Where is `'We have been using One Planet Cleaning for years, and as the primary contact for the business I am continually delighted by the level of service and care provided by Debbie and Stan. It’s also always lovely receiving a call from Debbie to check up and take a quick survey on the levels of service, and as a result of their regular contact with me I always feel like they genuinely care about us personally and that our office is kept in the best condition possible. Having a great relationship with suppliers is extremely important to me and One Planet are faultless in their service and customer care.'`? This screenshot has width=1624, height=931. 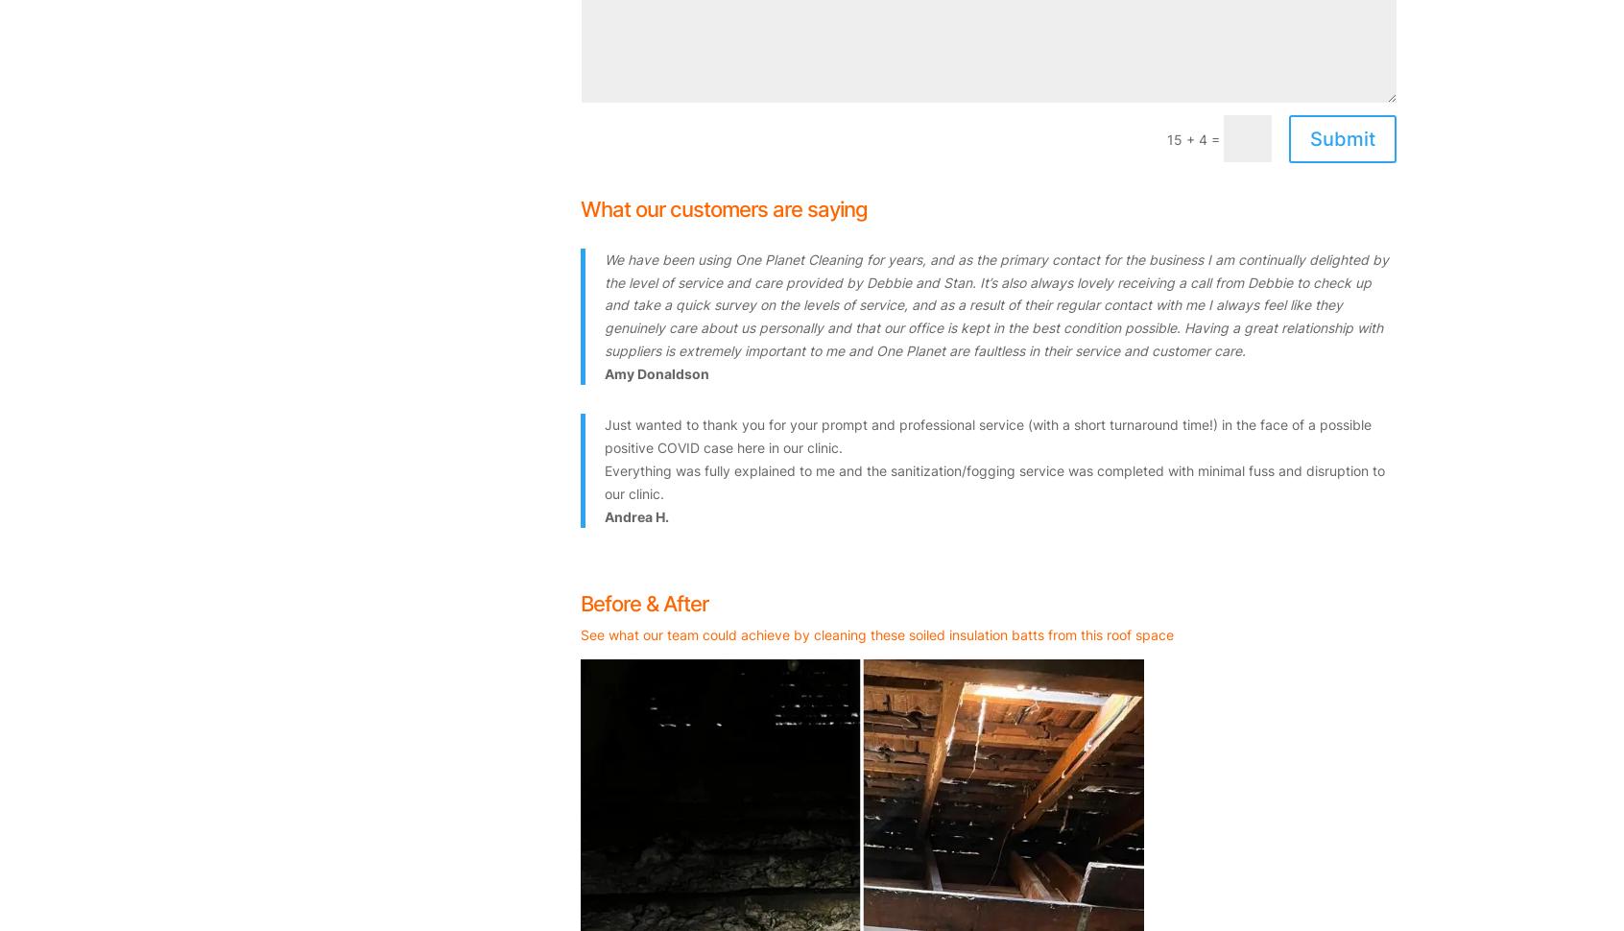 'We have been using One Planet Cleaning for years, and as the primary contact for the business I am continually delighted by the level of service and care provided by Debbie and Stan. It’s also always lovely receiving a call from Debbie to check up and take a quick survey on the levels of service, and as a result of their regular contact with me I always feel like they genuinely care about us personally and that our office is kept in the best condition possible. Having a great relationship with suppliers is extremely important to me and One Planet are faultless in their service and customer care.' is located at coordinates (995, 303).